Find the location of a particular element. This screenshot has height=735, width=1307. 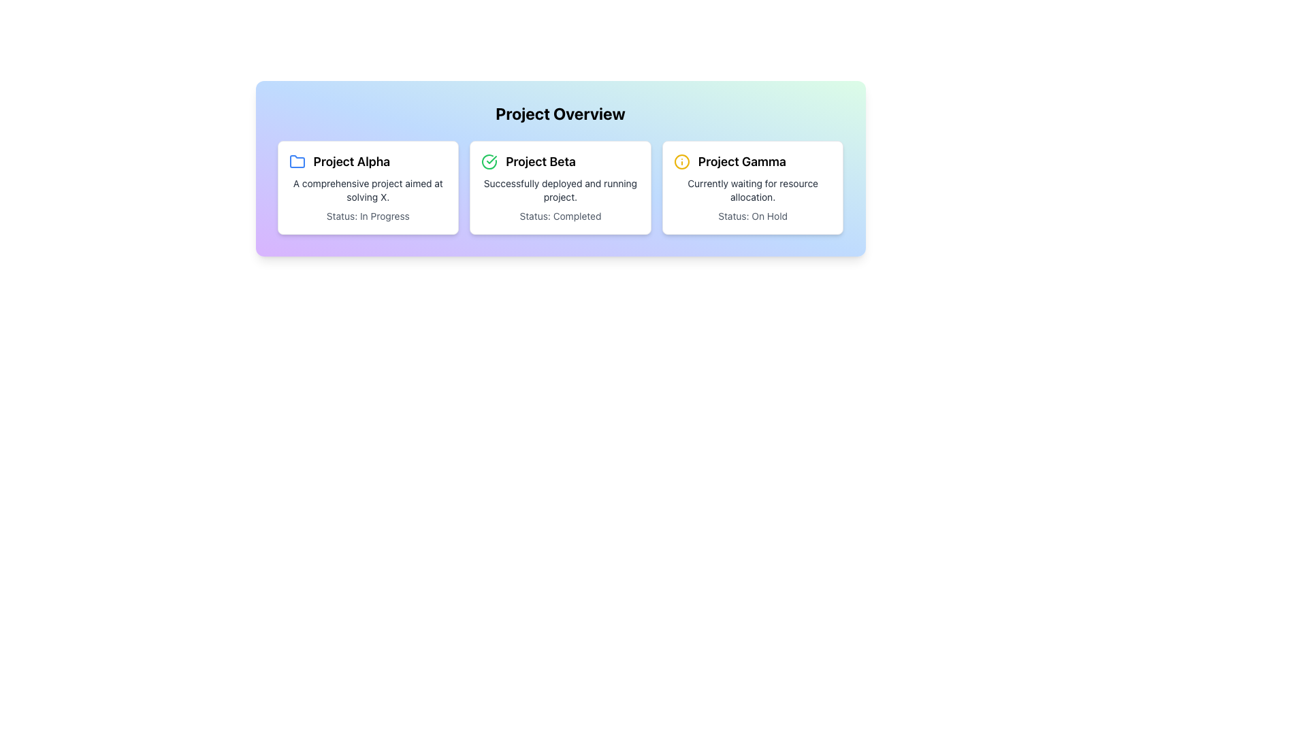

text label displaying 'Project Alpha' which is styled with a bold font and is positioned within the project details card is located at coordinates (351, 161).